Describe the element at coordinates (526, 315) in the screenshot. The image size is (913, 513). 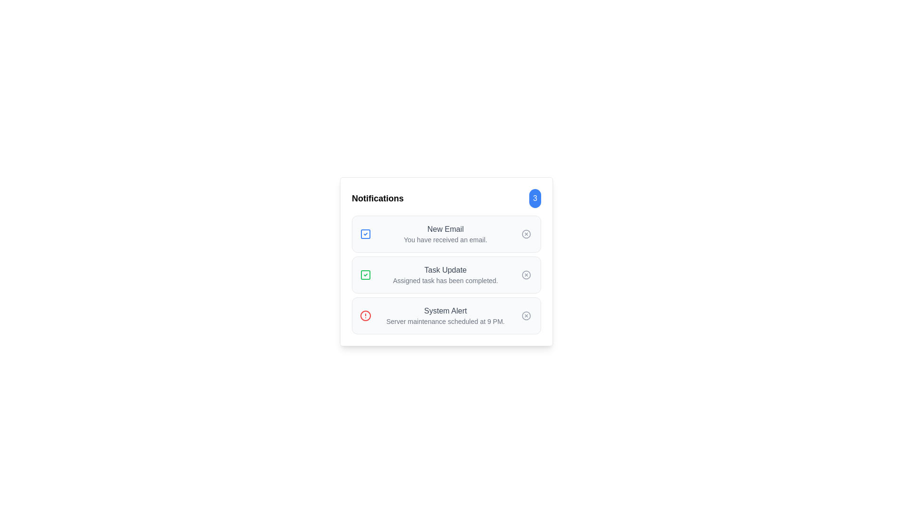
I see `the circular base of the close icon located at the rightmost edge of the system alert notification card` at that location.